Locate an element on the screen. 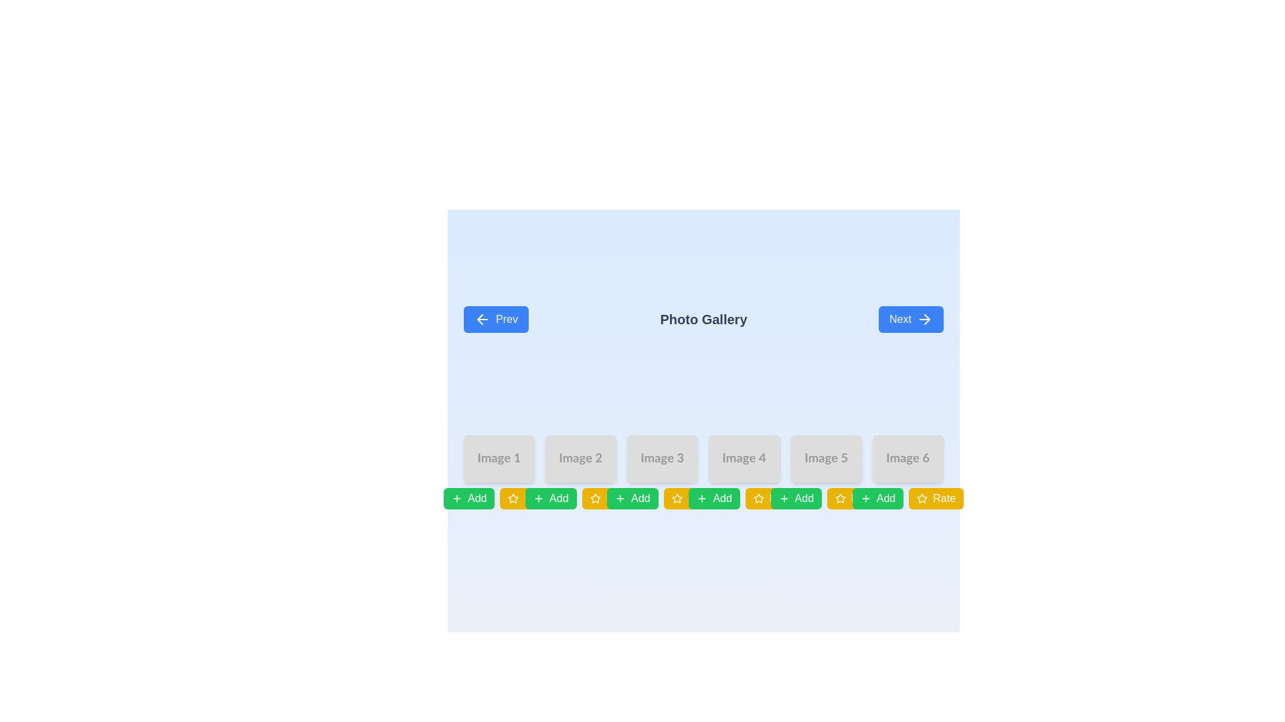 The width and height of the screenshot is (1285, 722). the star-shaped icon with a yellow fill and bold outline, which is part of the 'Rate' button in the interactive toolbar is located at coordinates (513, 498).